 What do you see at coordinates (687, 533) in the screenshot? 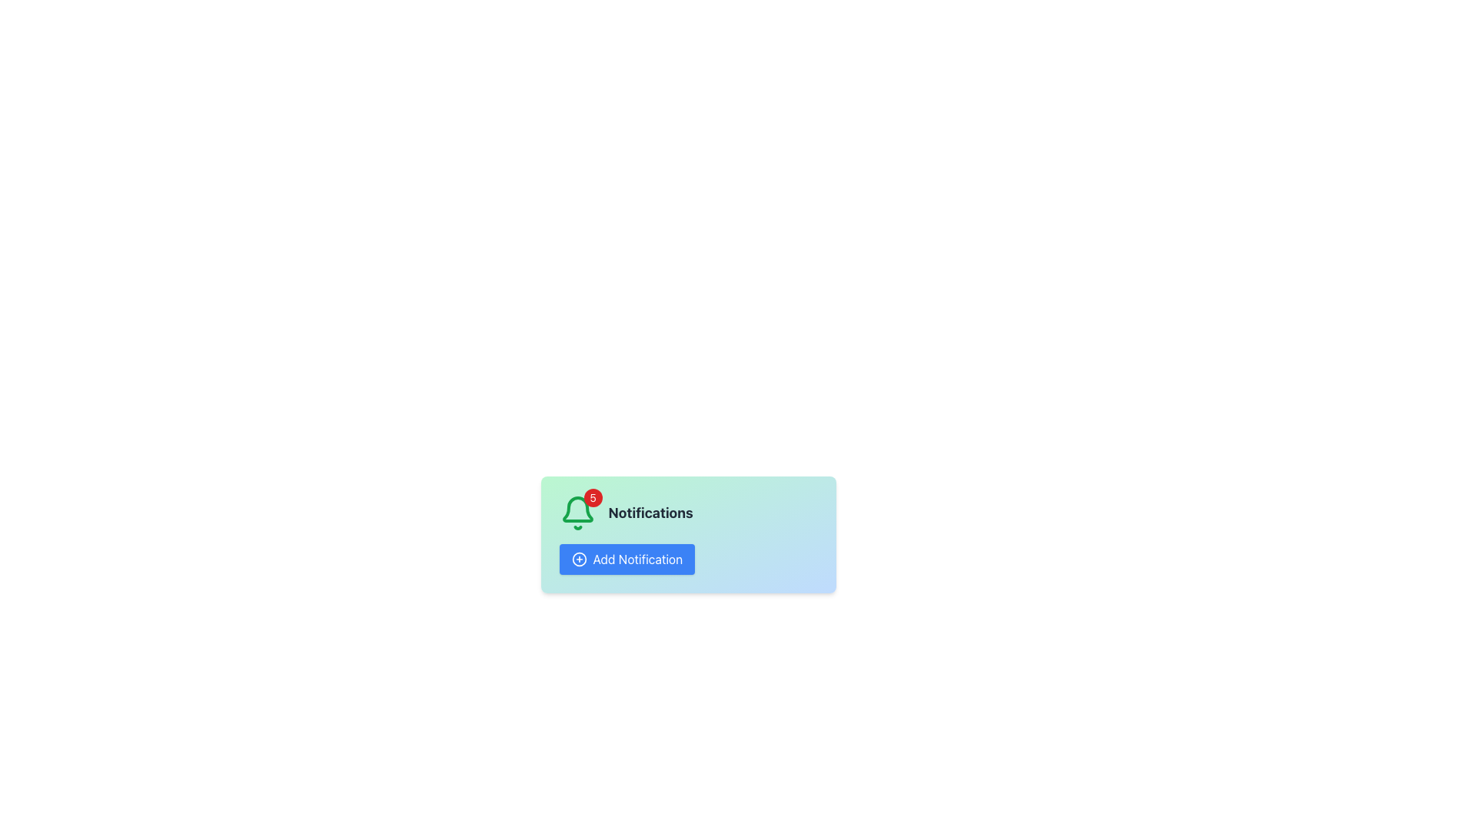
I see `the notification dashboard element that summarizes notifications and includes a button to add a new notification` at bounding box center [687, 533].